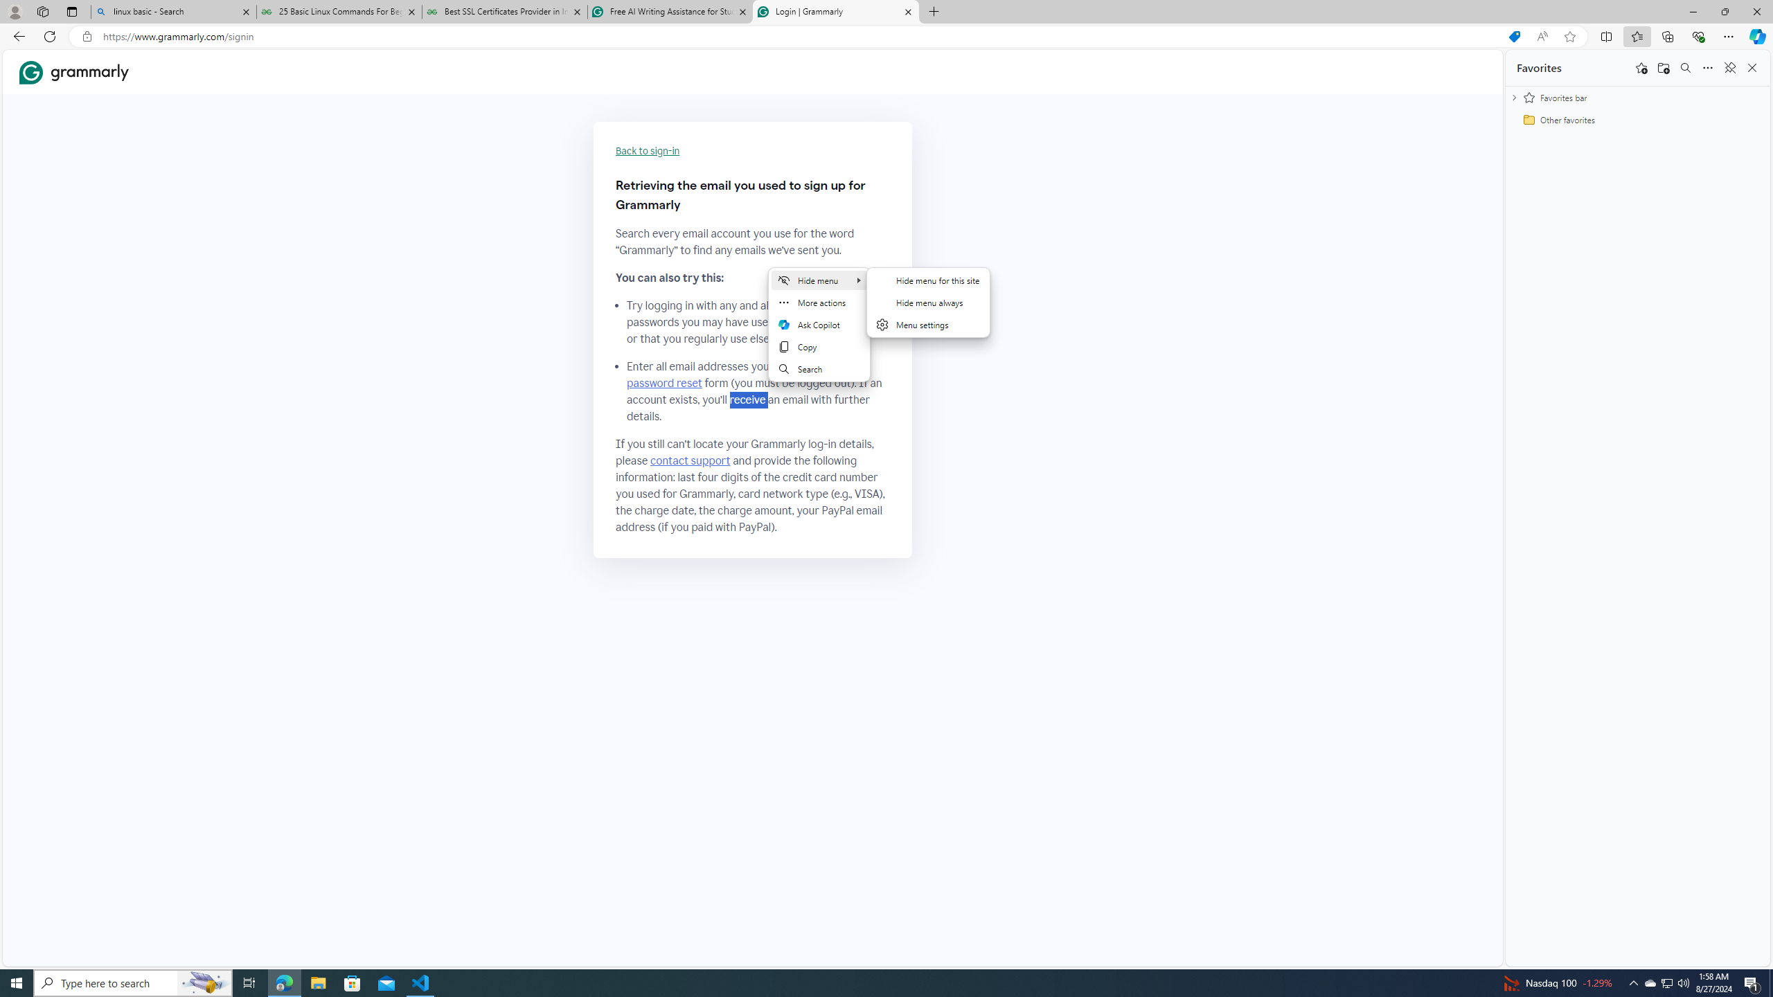 The image size is (1773, 997). Describe the element at coordinates (664, 382) in the screenshot. I see `'password reset'` at that location.